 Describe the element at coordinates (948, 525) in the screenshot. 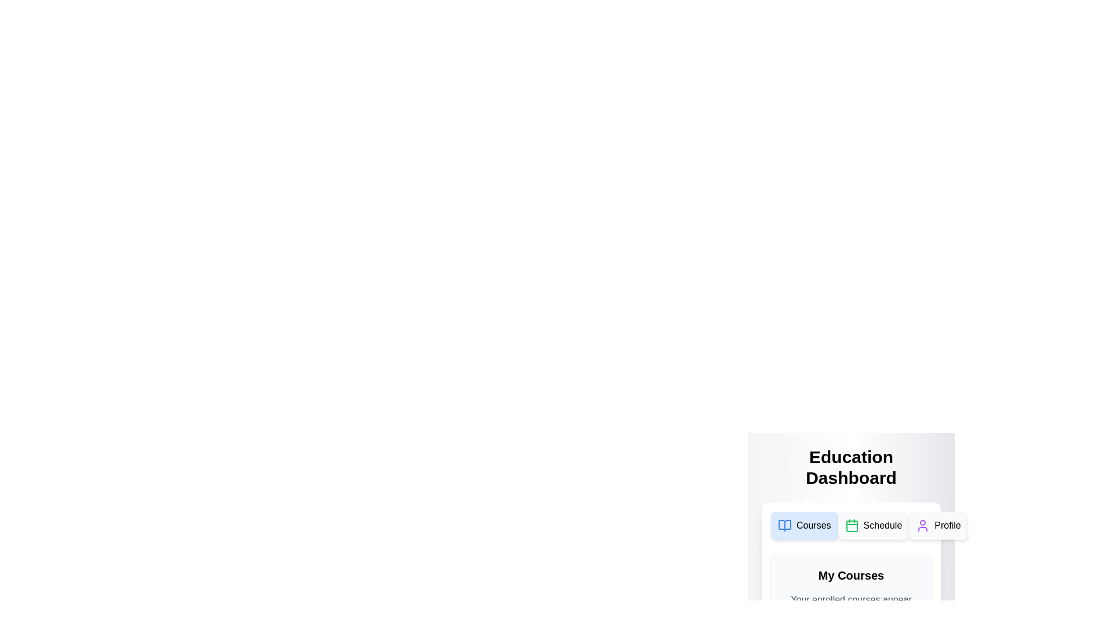

I see `text of the 'Profile' label, which is the fourth navigation option near the top right of the interface, closely aligned to a user icon` at that location.